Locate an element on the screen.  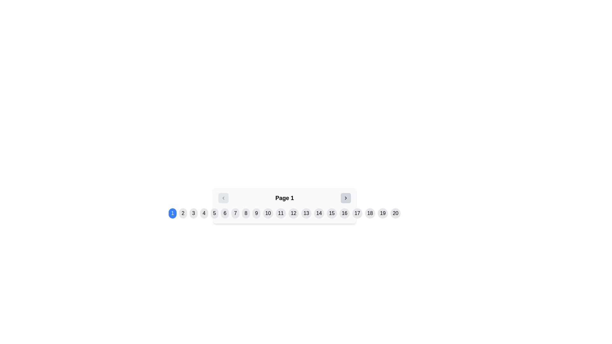
the sixth pagination button is located at coordinates (225, 213).